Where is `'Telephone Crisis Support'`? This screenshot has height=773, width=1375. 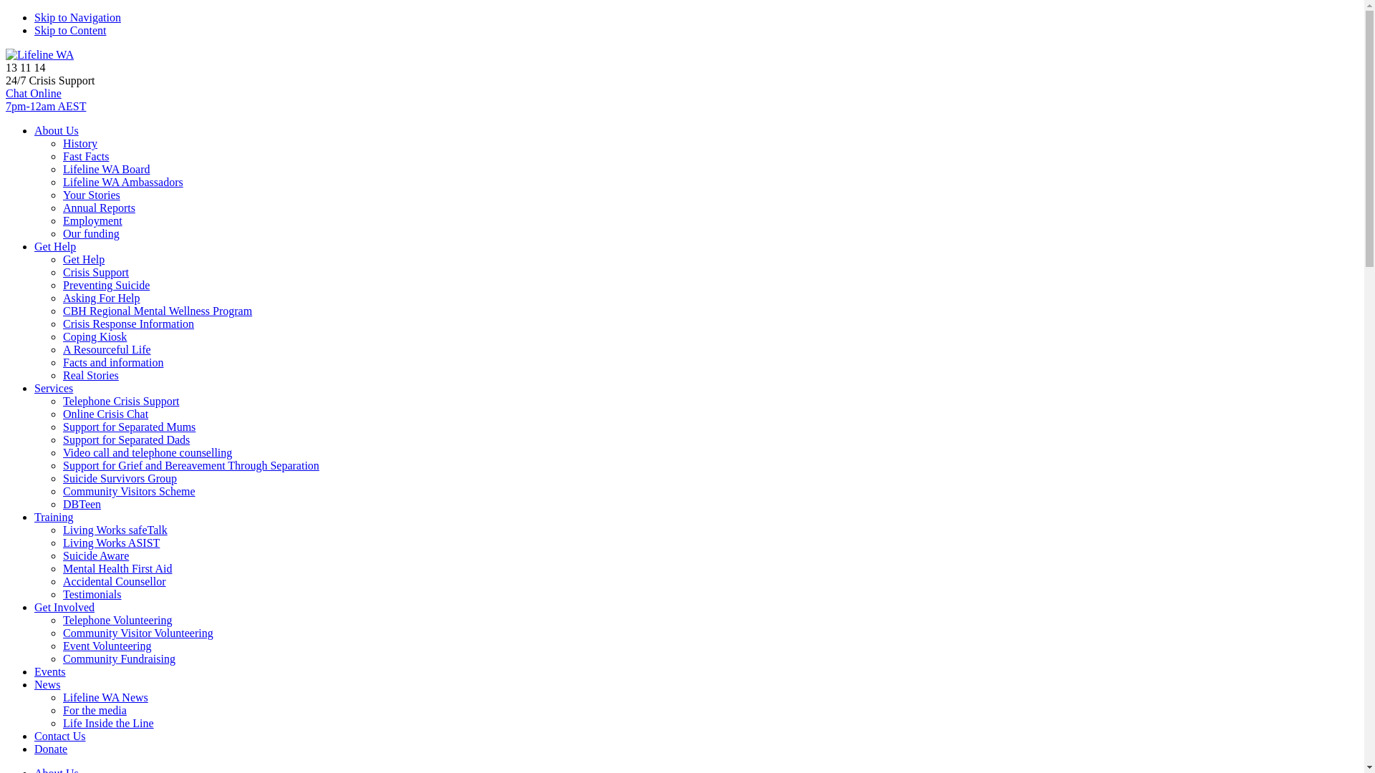 'Telephone Crisis Support' is located at coordinates (120, 401).